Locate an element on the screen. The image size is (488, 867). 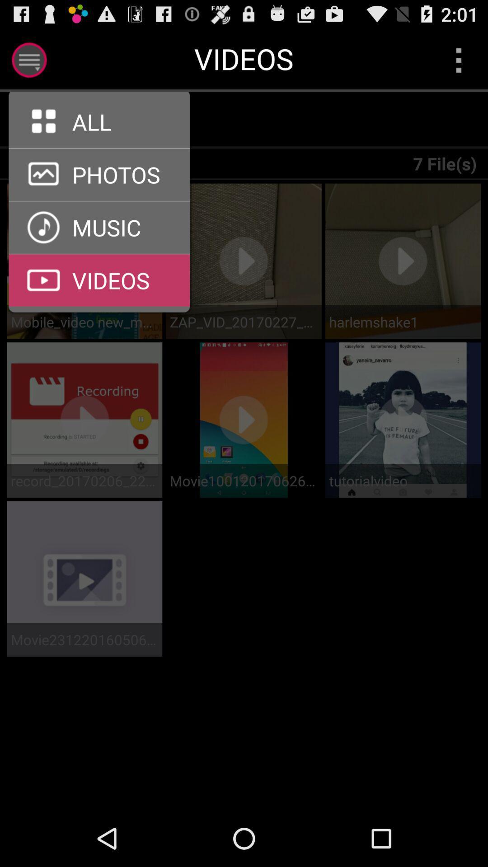
the record_20170206_222152 item is located at coordinates (84, 480).